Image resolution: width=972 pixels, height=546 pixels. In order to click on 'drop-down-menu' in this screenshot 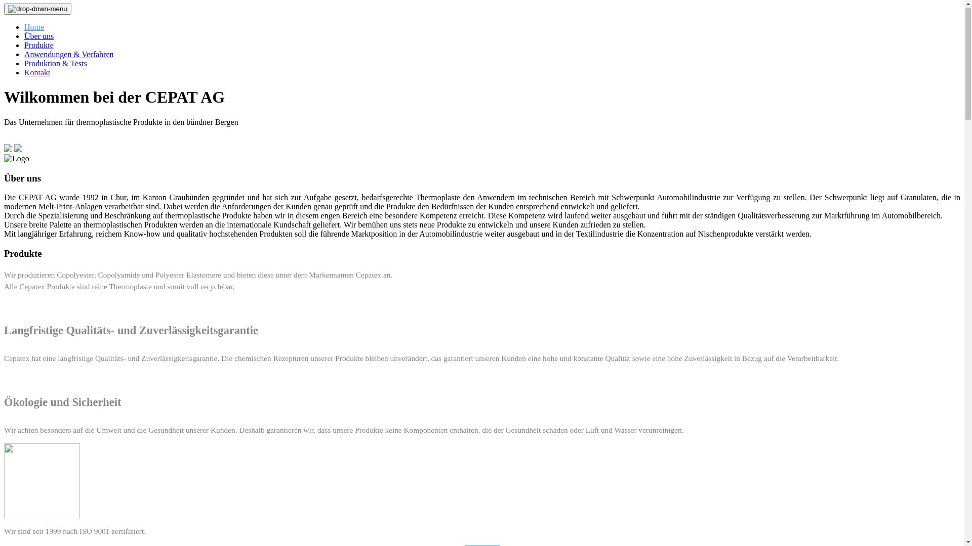, I will do `click(37, 10)`.